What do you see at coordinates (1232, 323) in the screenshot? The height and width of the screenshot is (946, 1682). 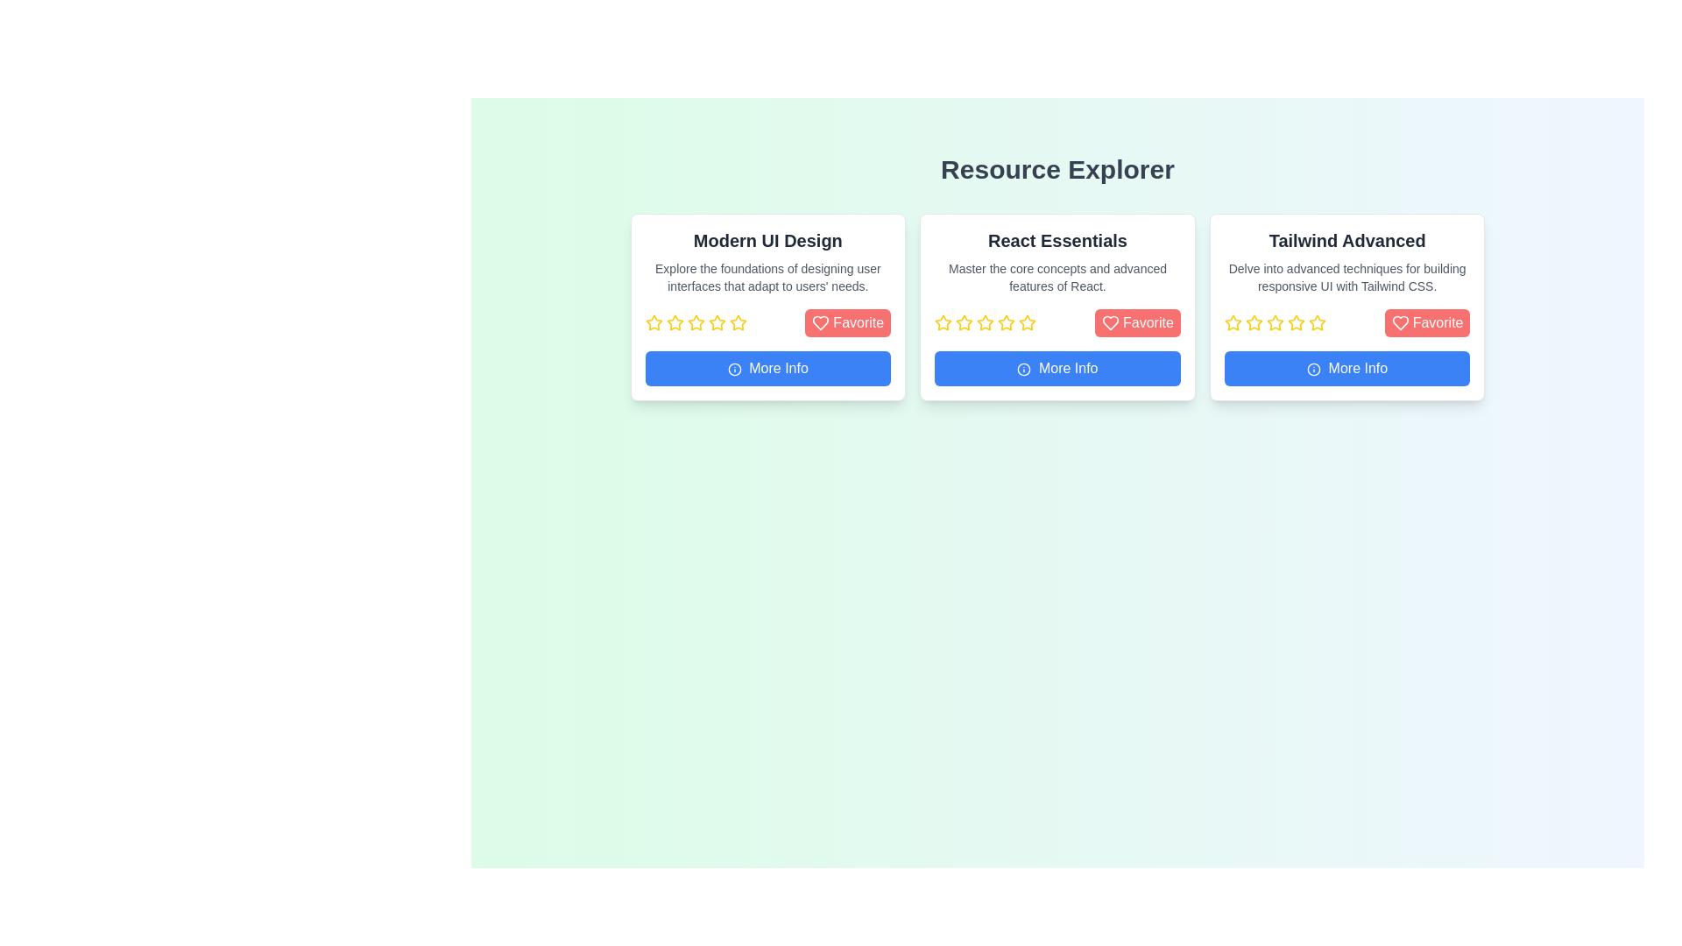 I see `the first star icon in the rating section of the 'Tailwind Advanced' card` at bounding box center [1232, 323].